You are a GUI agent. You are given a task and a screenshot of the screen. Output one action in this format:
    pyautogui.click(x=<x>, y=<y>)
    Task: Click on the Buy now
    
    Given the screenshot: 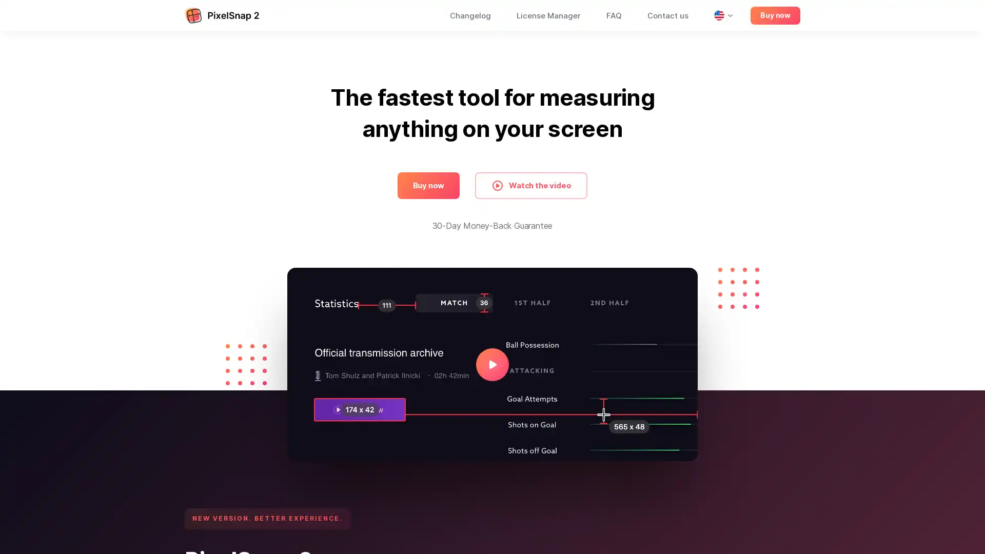 What is the action you would take?
    pyautogui.click(x=428, y=186)
    